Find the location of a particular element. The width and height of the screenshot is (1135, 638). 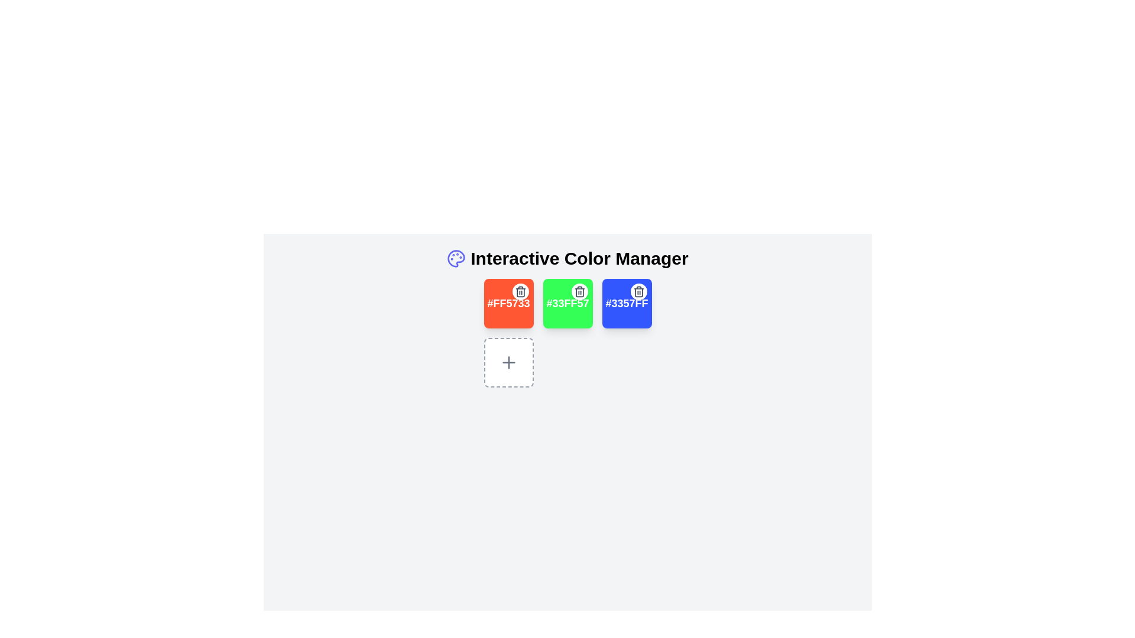

the Color tile with an embedded button is located at coordinates (626, 302).